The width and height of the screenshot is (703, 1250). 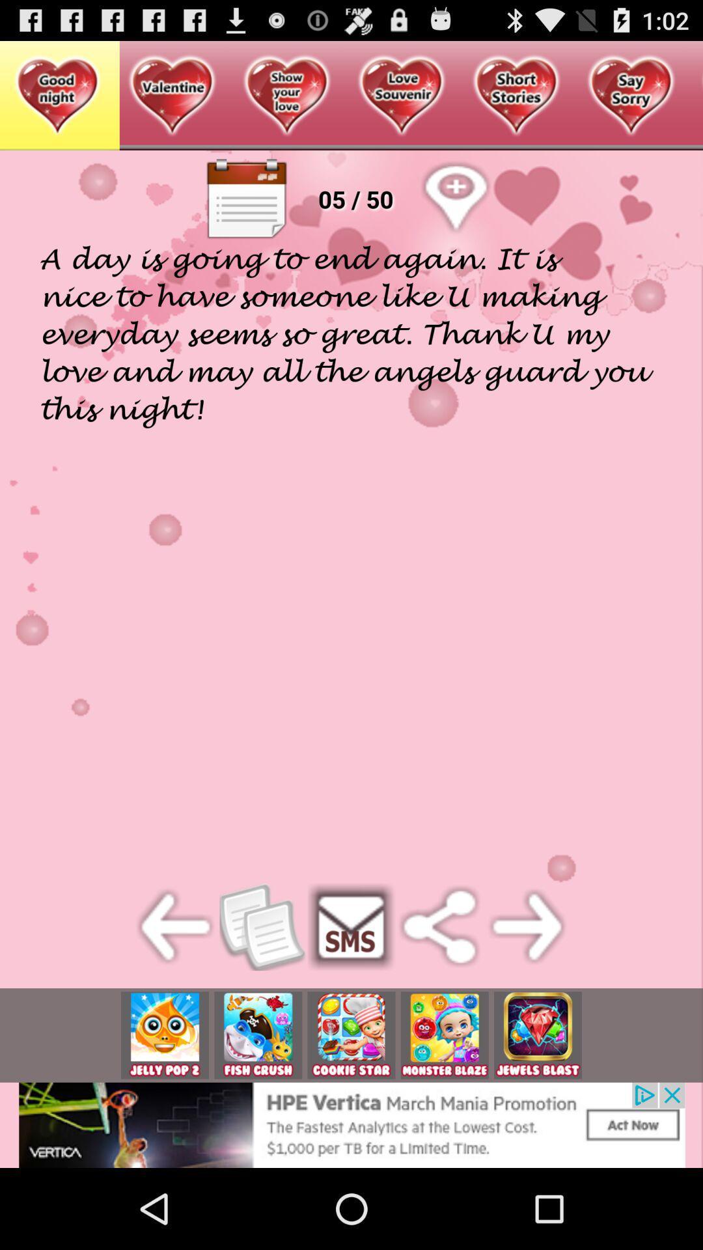 I want to click on share button, so click(x=439, y=926).